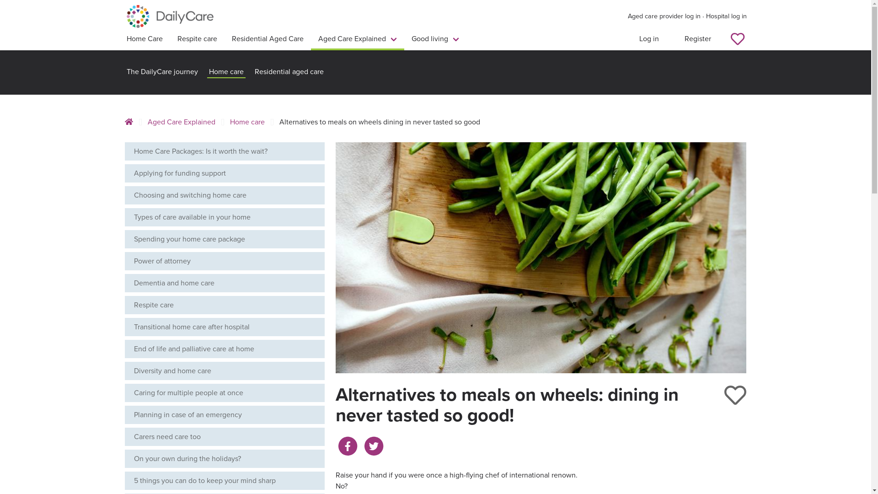  What do you see at coordinates (224, 39) in the screenshot?
I see `'Residential Aged Care'` at bounding box center [224, 39].